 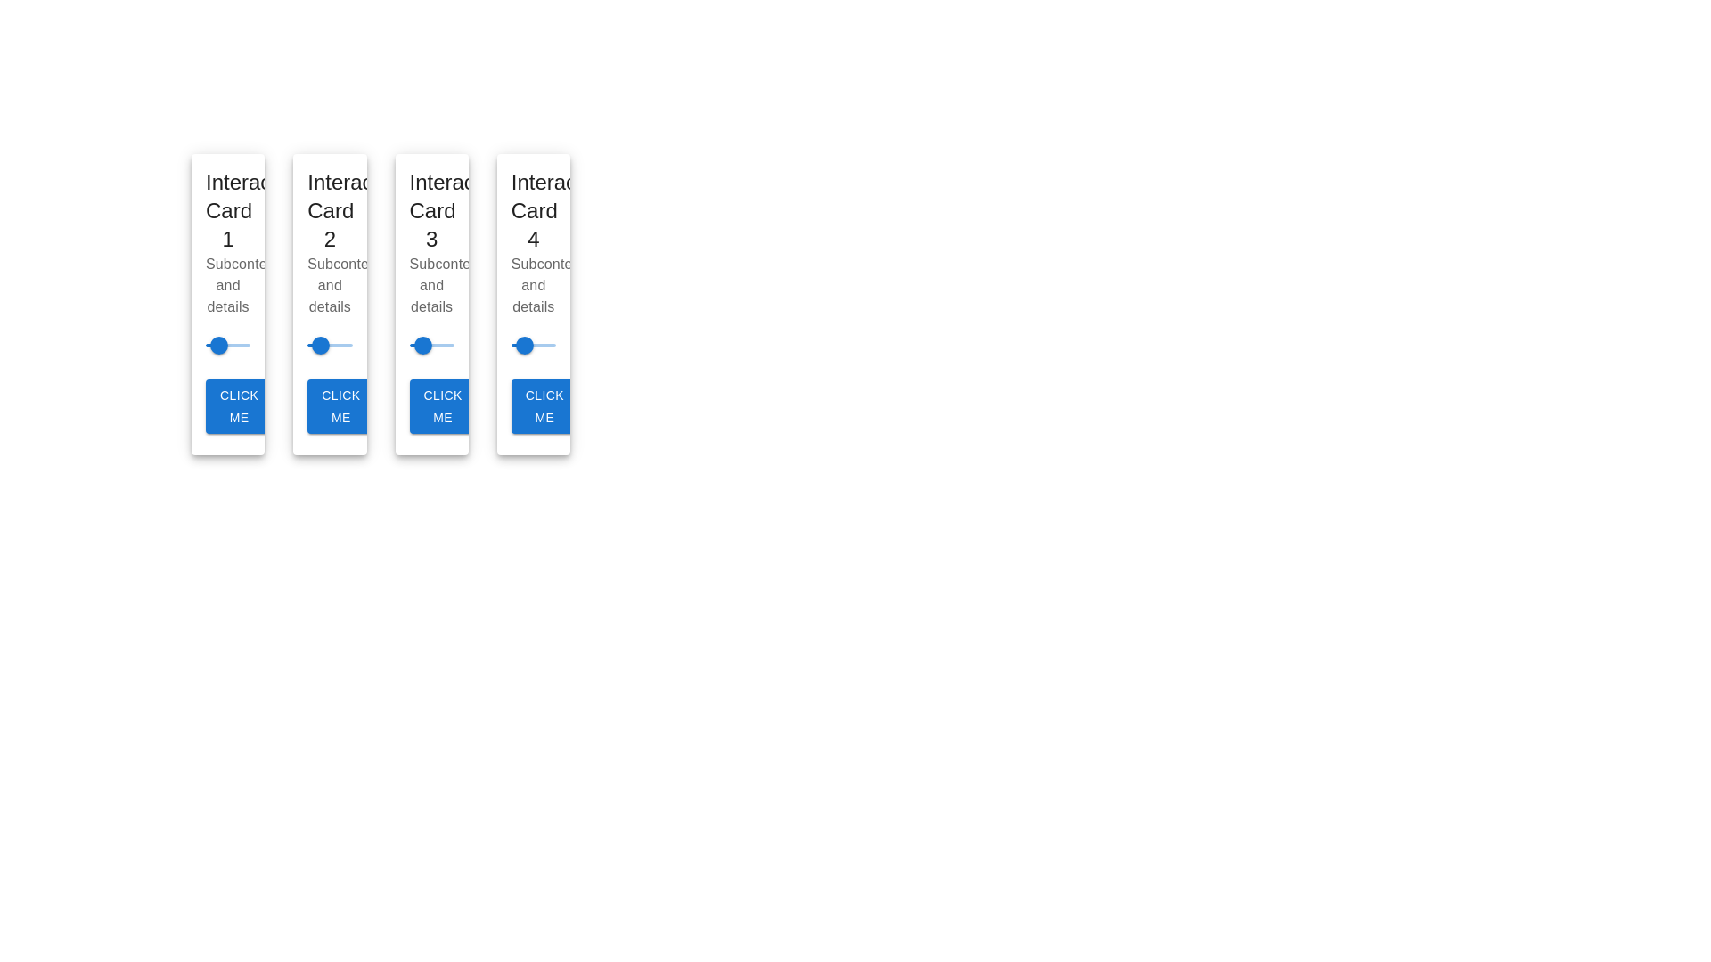 I want to click on the blue thumb of the slider located in the third card from the left, below the heading 'Interactive Card 3' and above the 'CLICK ME' button, so click(x=431, y=346).